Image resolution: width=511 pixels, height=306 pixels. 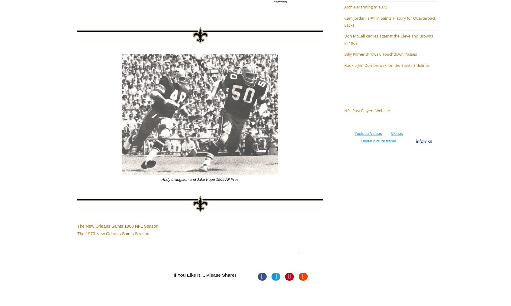 What do you see at coordinates (387, 65) in the screenshot?
I see `'Rookie Jim Dombrowski on the Saints Sidelines'` at bounding box center [387, 65].